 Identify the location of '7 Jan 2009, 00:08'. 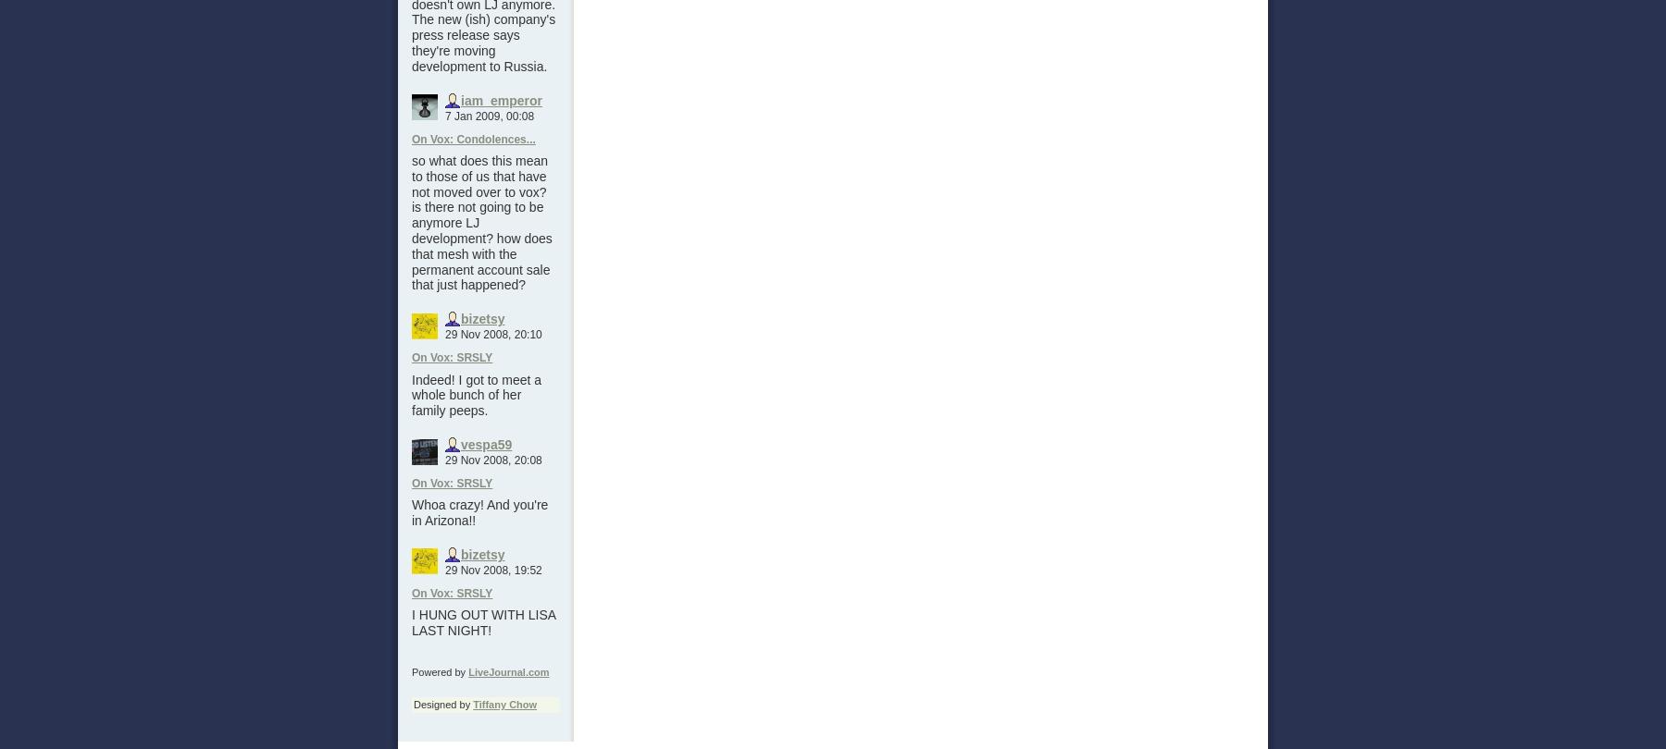
(489, 115).